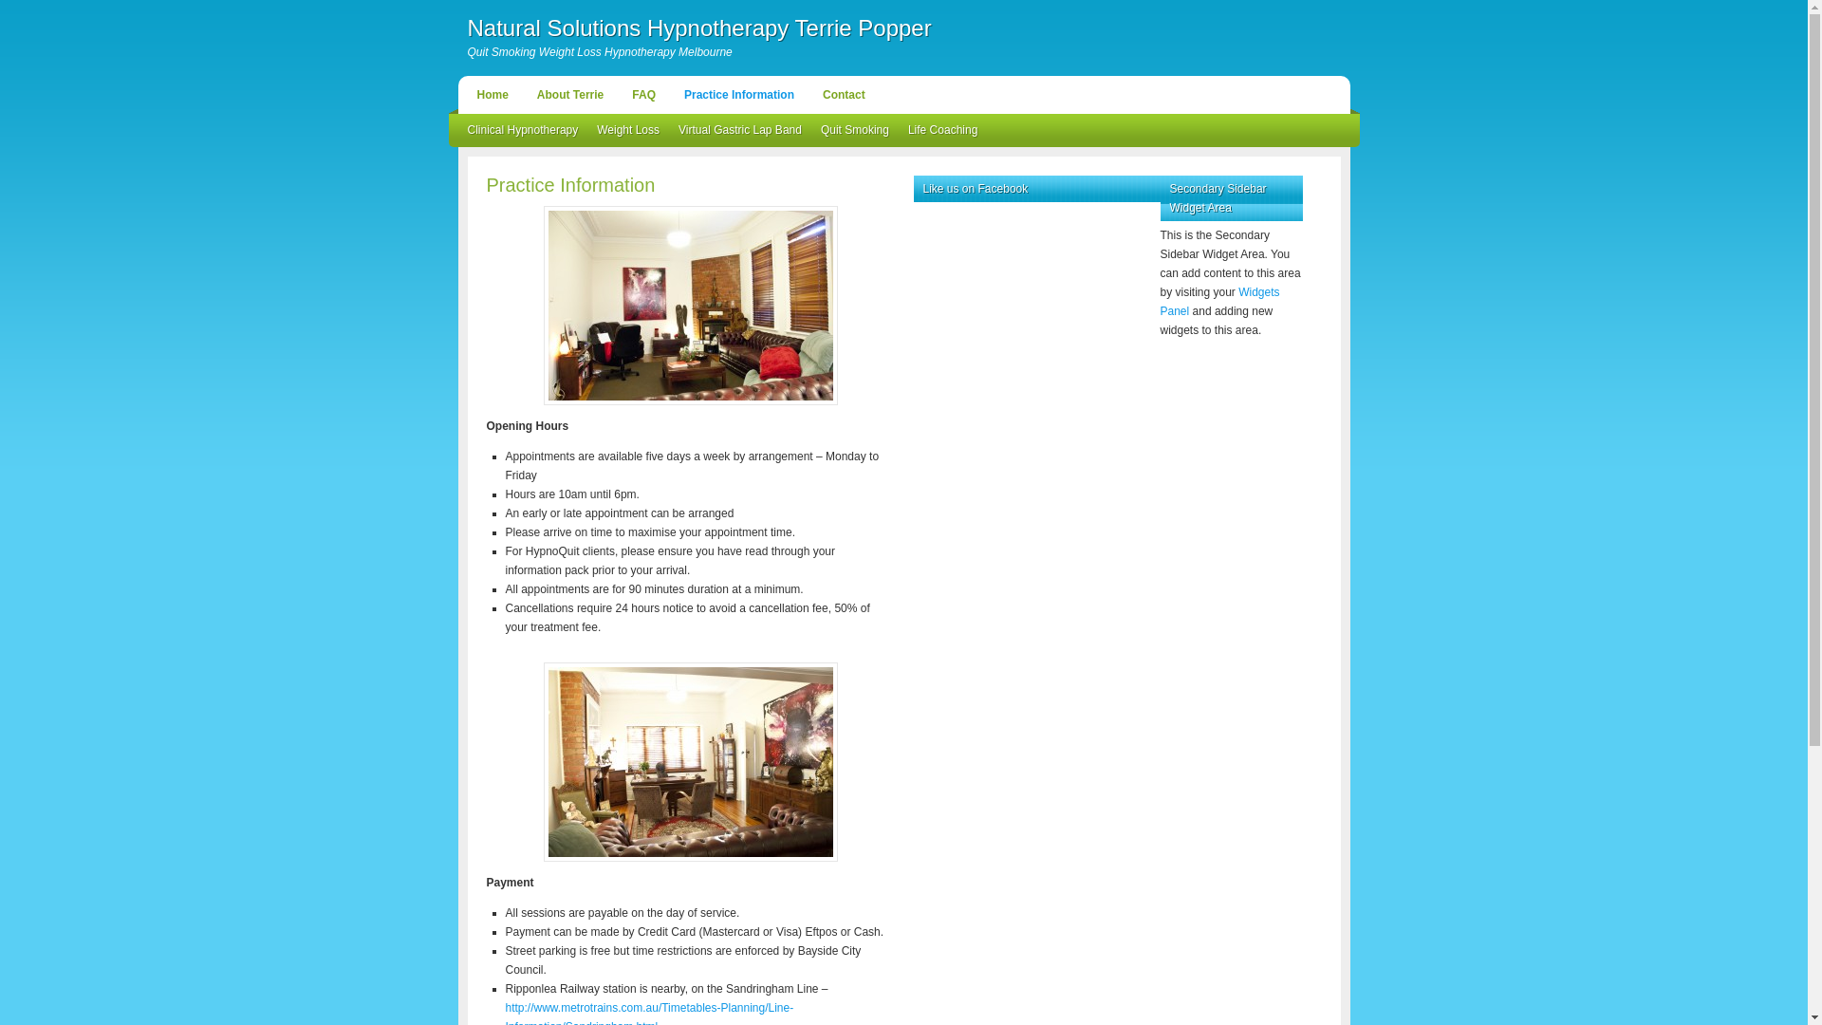 The height and width of the screenshot is (1025, 1822). I want to click on 'FAQ', so click(643, 95).